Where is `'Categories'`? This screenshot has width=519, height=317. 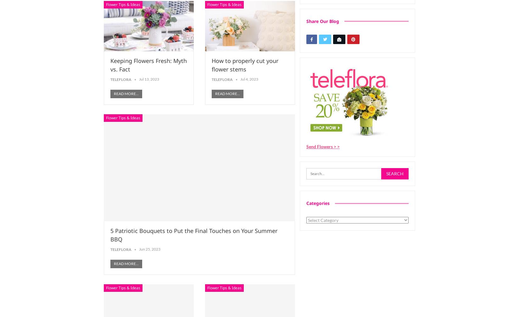
'Categories' is located at coordinates (318, 203).